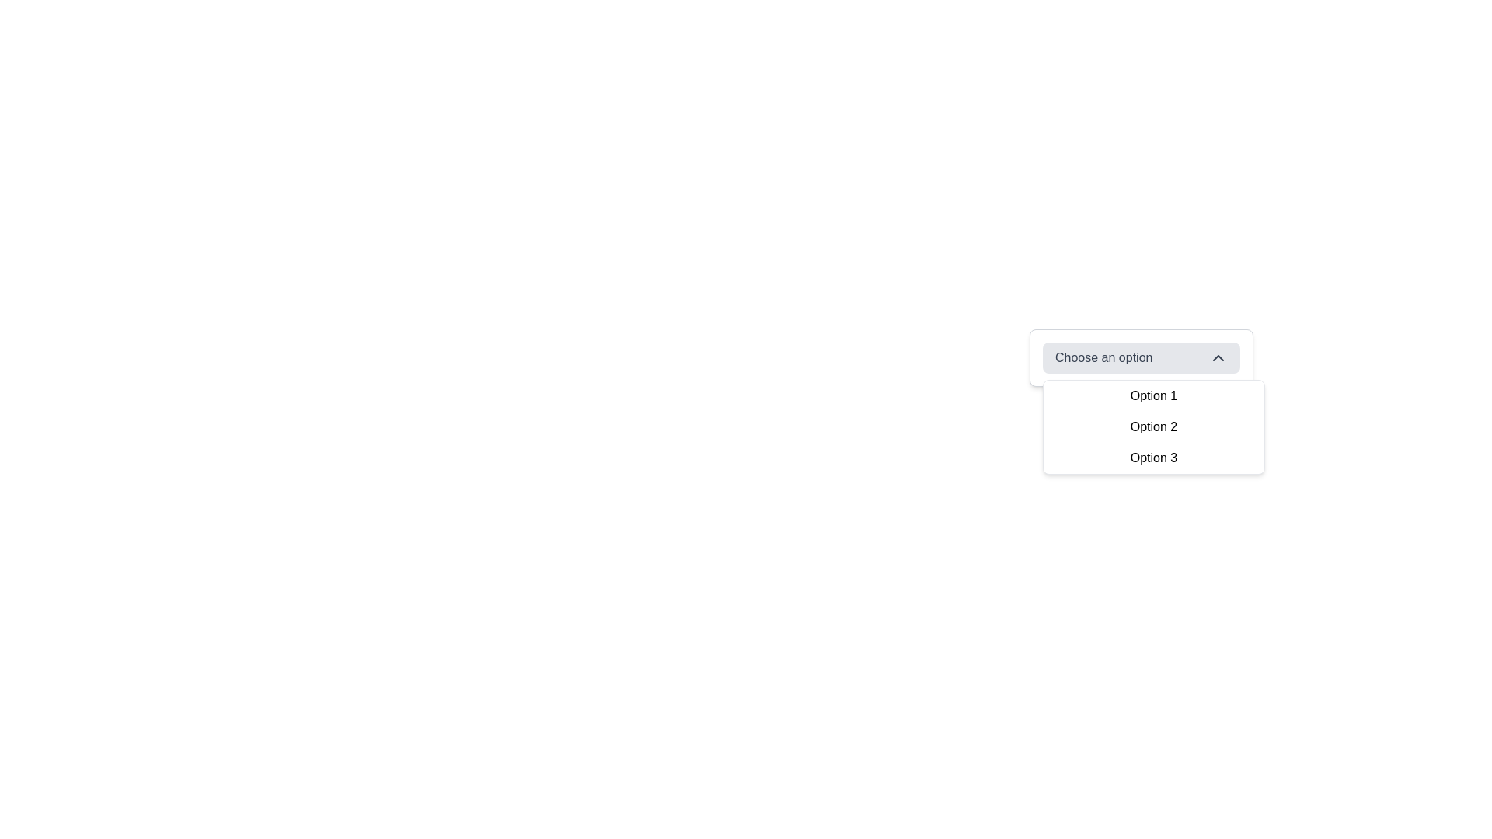  What do you see at coordinates (1153, 427) in the screenshot?
I see `the dropdown menu containing options 'Option 1,' 'Option 2,' and 'Option 3,' which is located directly below the button labeled 'Choose an option.'` at bounding box center [1153, 427].